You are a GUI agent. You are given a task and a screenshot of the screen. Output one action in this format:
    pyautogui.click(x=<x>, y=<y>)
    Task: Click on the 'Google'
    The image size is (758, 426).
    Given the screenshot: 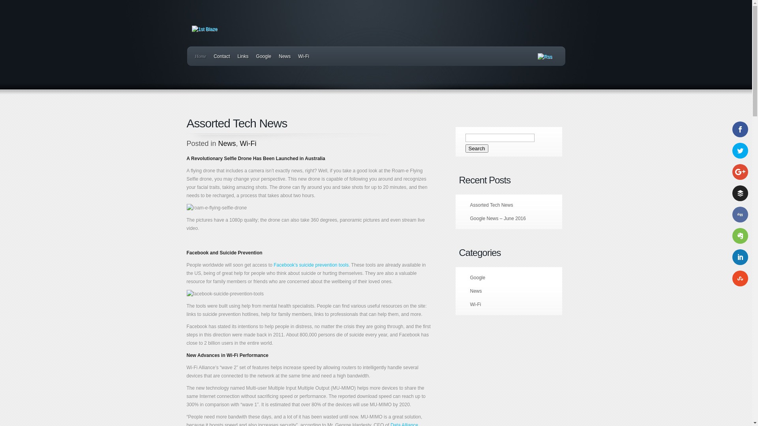 What is the action you would take?
    pyautogui.click(x=477, y=277)
    